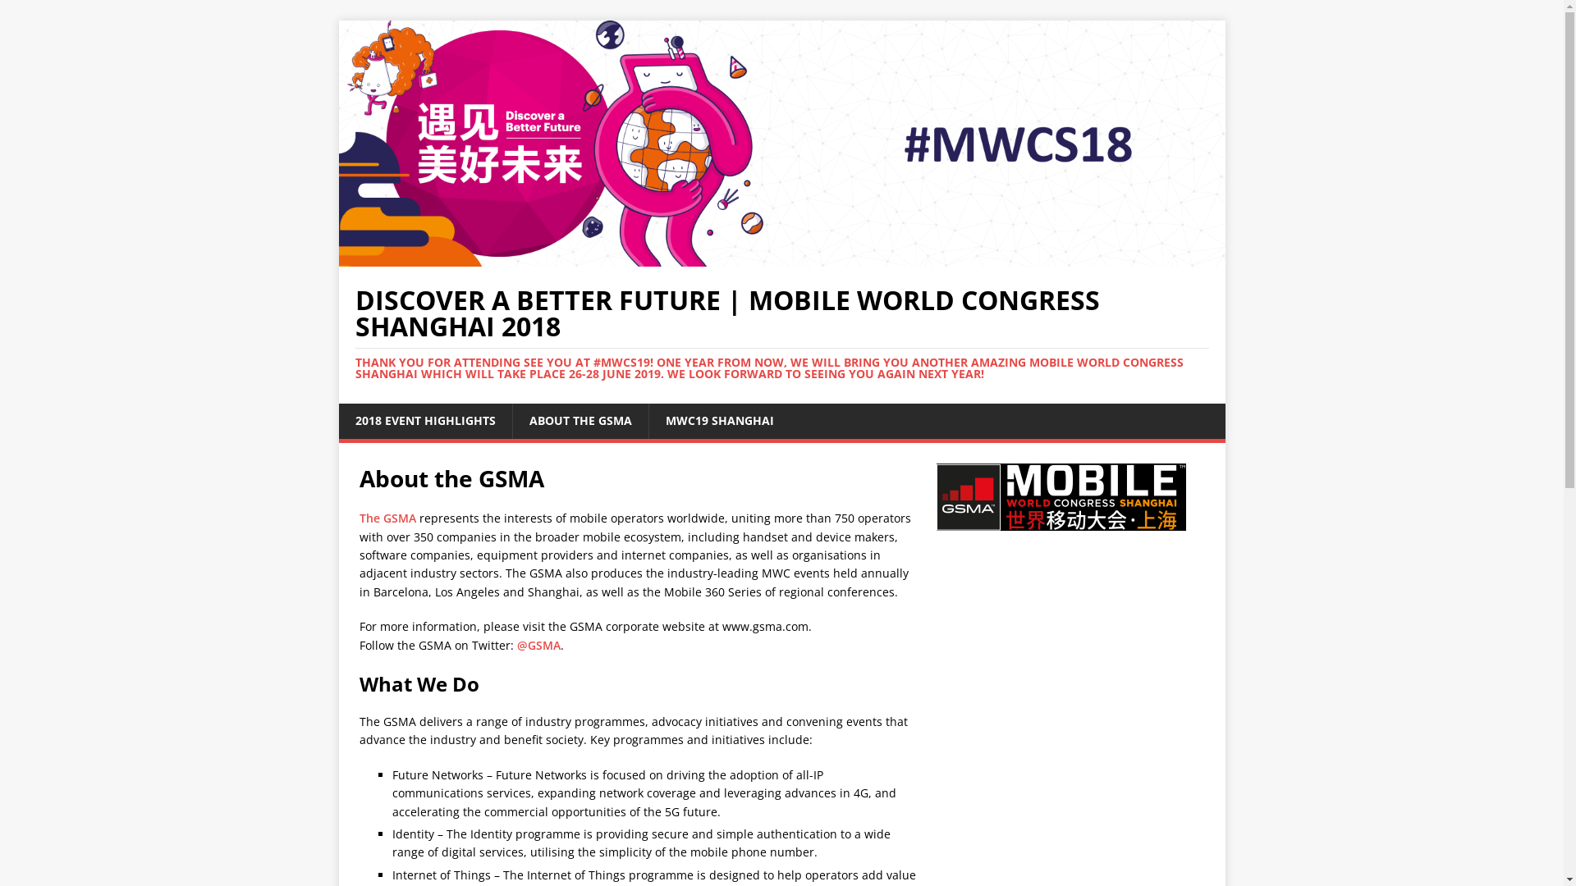  I want to click on 'MWC19 SHANGHAI', so click(648, 420).